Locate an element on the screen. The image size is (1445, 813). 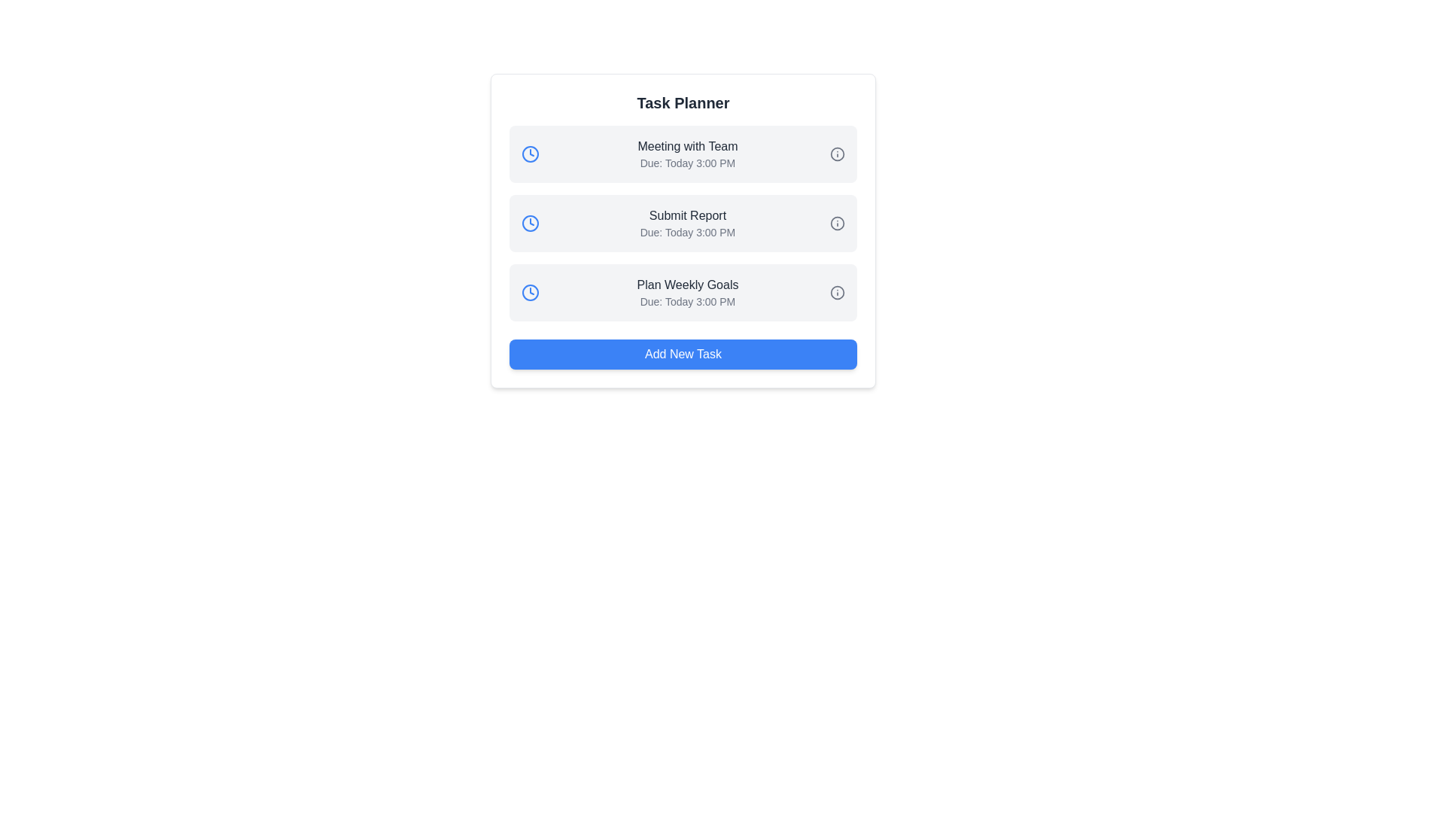
the text block that reads 'Submit Report' with a due date of 'Due: Today 3:00 PM', located within the second task of the vertically-stacked list in the Task Planner is located at coordinates (686, 224).